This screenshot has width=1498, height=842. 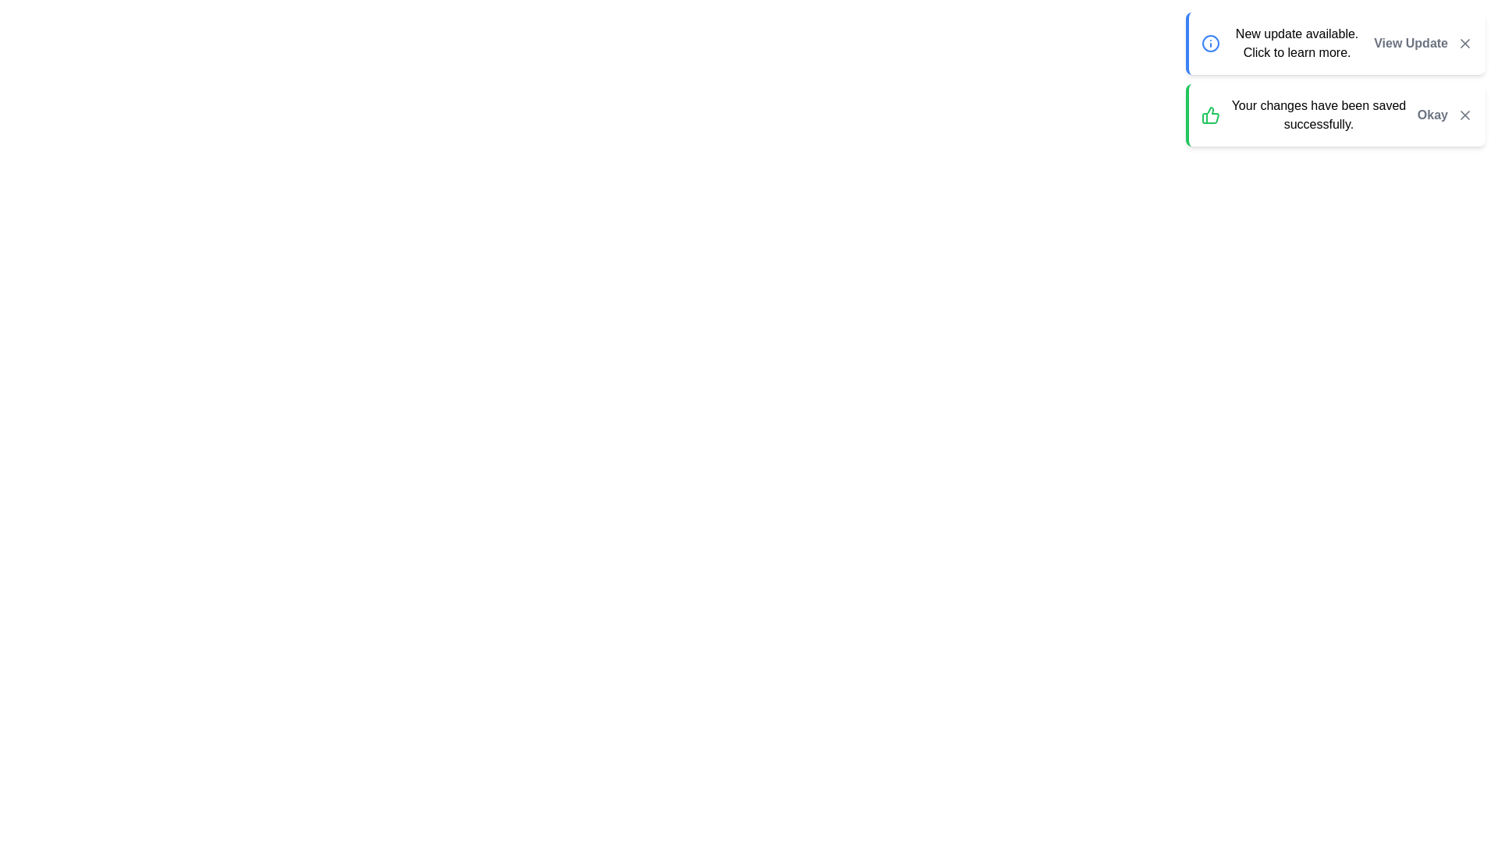 I want to click on notification message that indicates the user's changes have been successfully saved, located at the center of the notification box, so click(x=1318, y=114).